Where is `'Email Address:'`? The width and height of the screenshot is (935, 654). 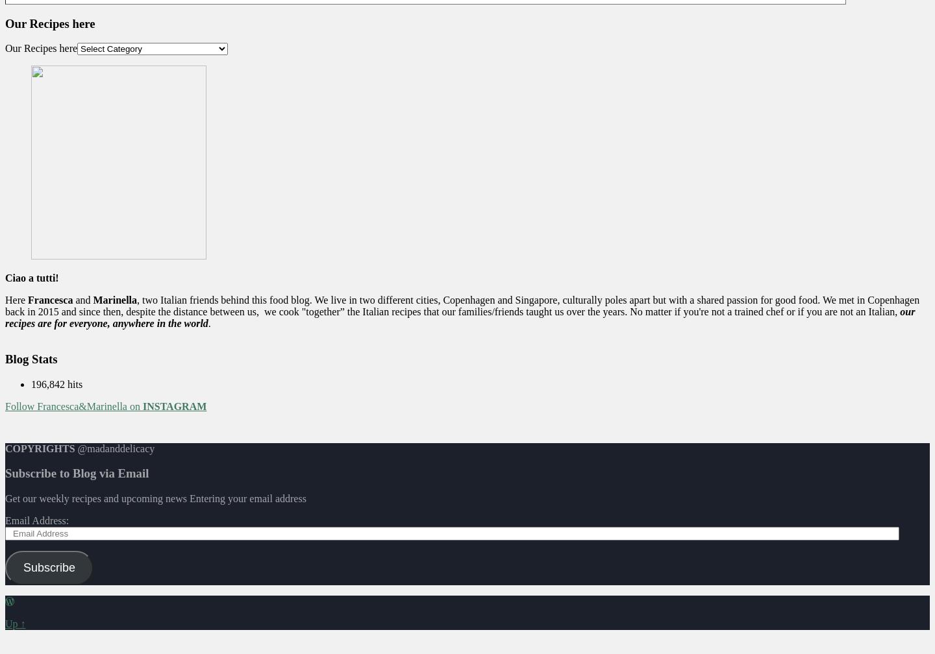 'Email Address:' is located at coordinates (5, 520).